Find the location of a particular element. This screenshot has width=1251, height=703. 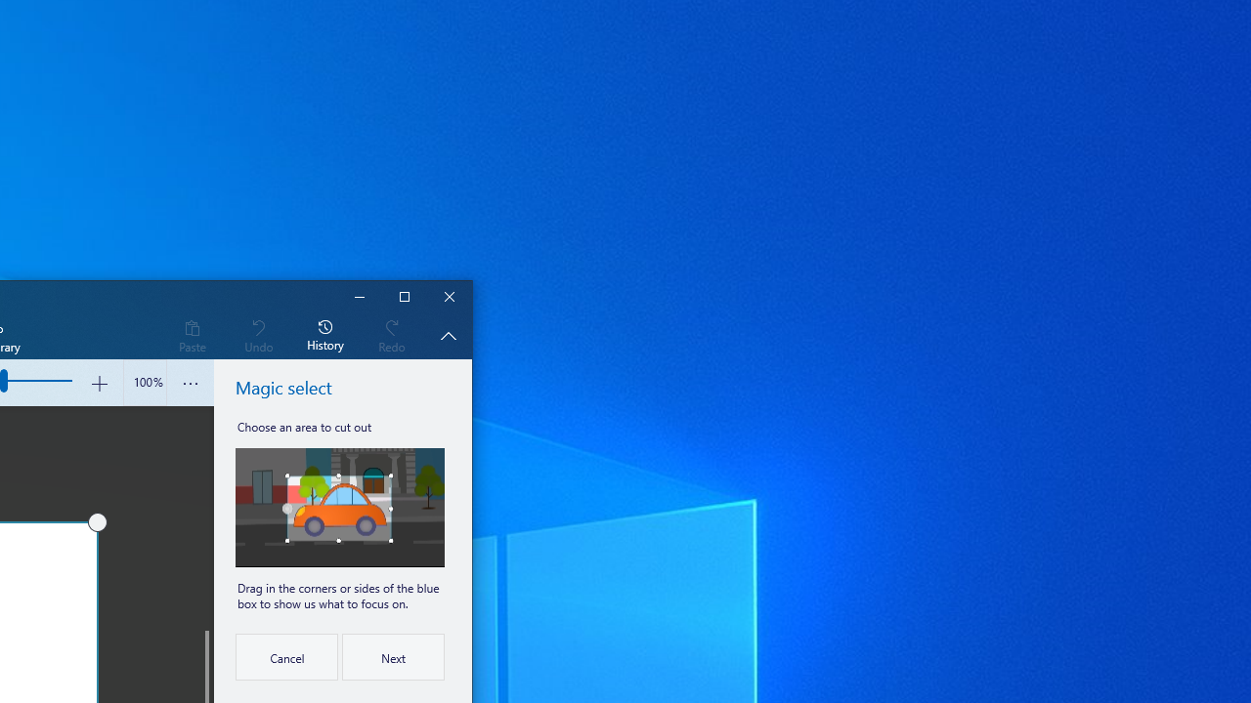

'Paste' is located at coordinates (192, 334).